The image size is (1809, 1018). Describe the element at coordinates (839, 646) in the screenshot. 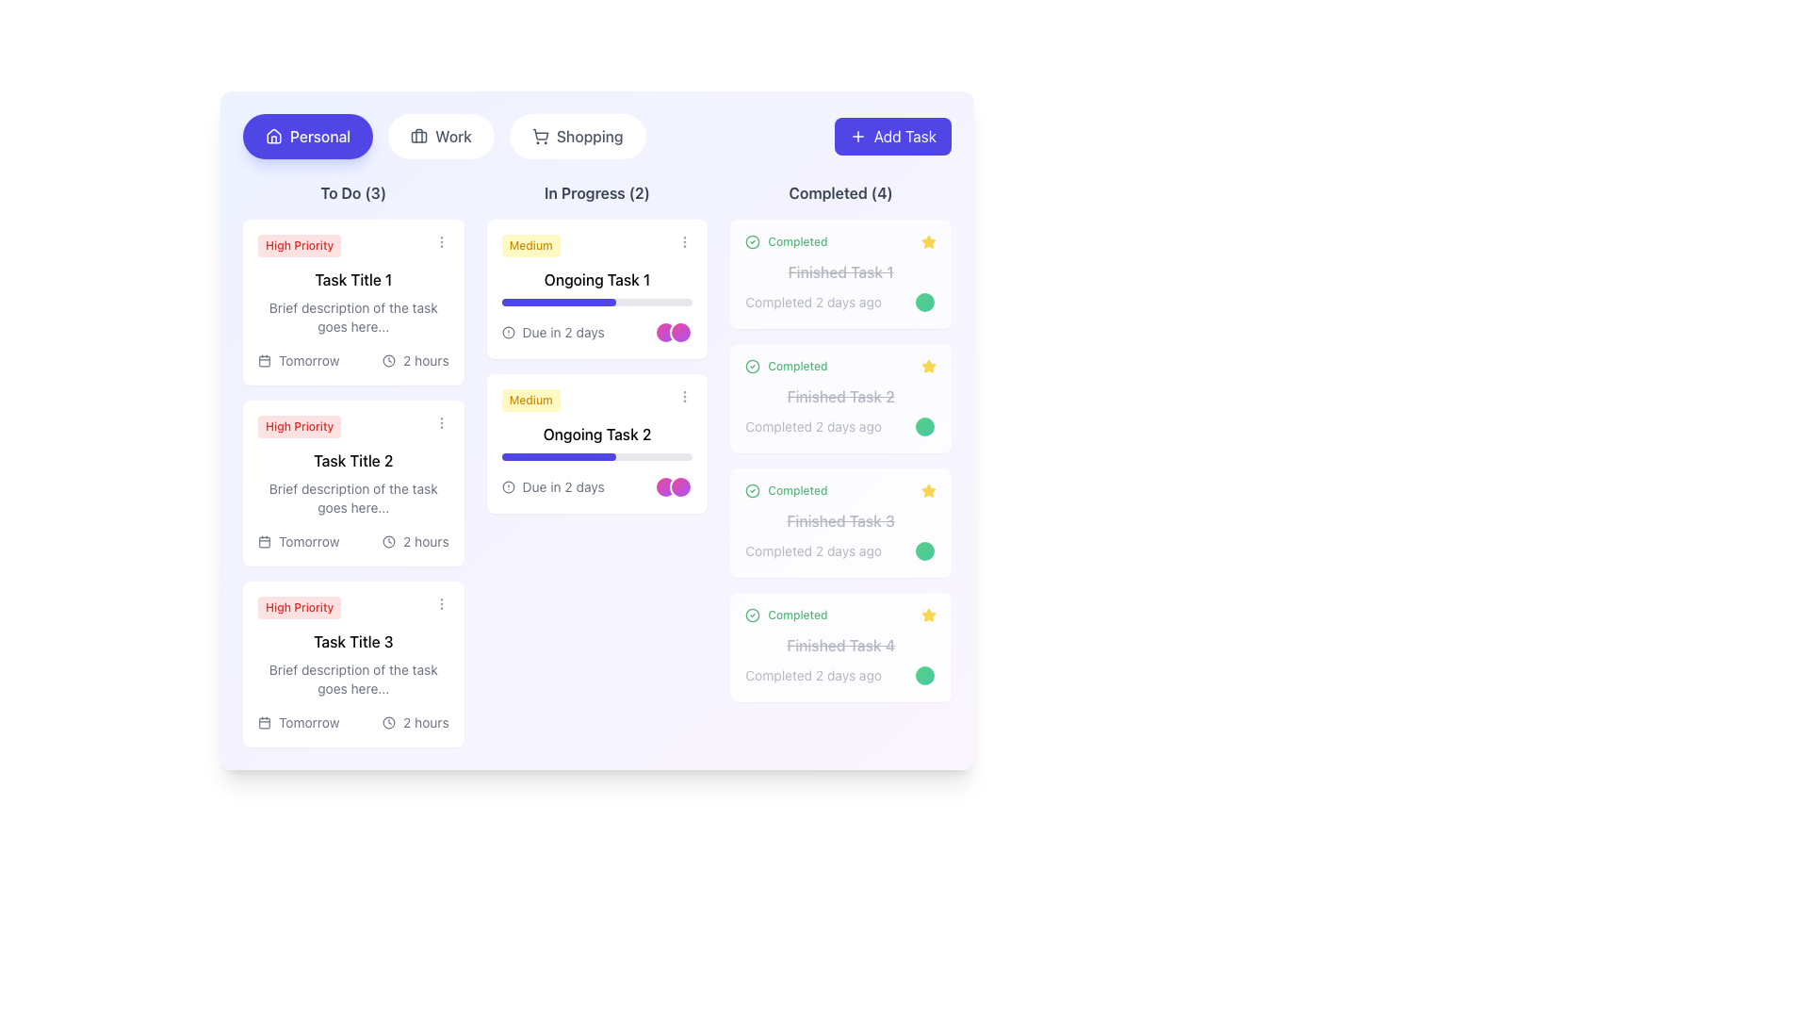

I see `the 'Completed' task card which has a white background, displays 'Completed' in green, and is the fourth card in the 'Completed' column` at that location.